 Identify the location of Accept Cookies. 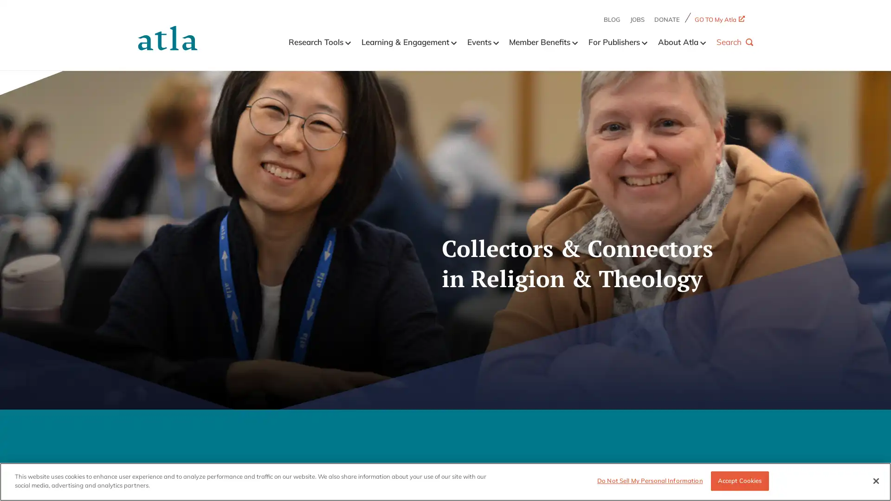
(739, 480).